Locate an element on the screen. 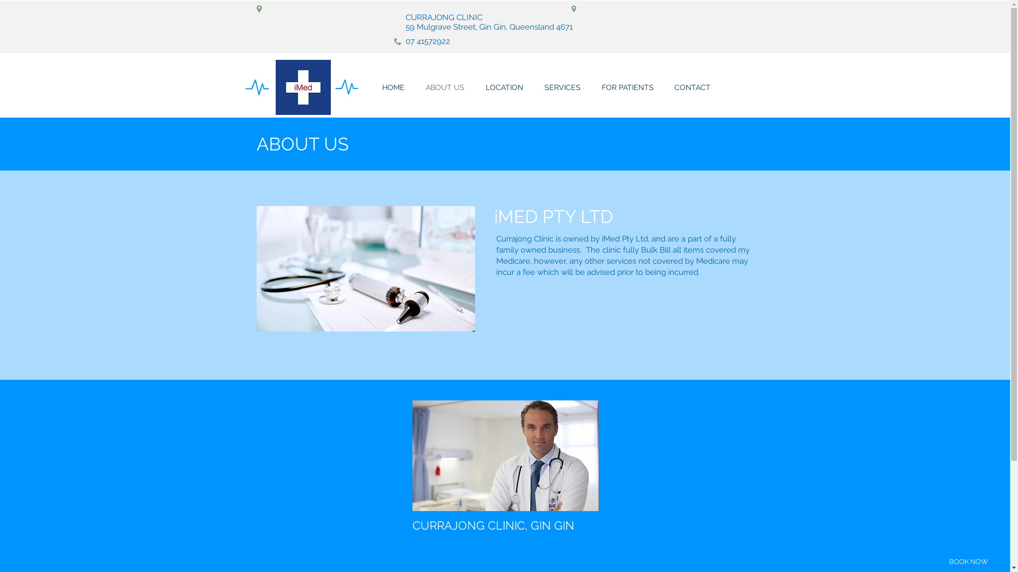 Image resolution: width=1018 pixels, height=572 pixels. 'CONTACT' is located at coordinates (692, 87).